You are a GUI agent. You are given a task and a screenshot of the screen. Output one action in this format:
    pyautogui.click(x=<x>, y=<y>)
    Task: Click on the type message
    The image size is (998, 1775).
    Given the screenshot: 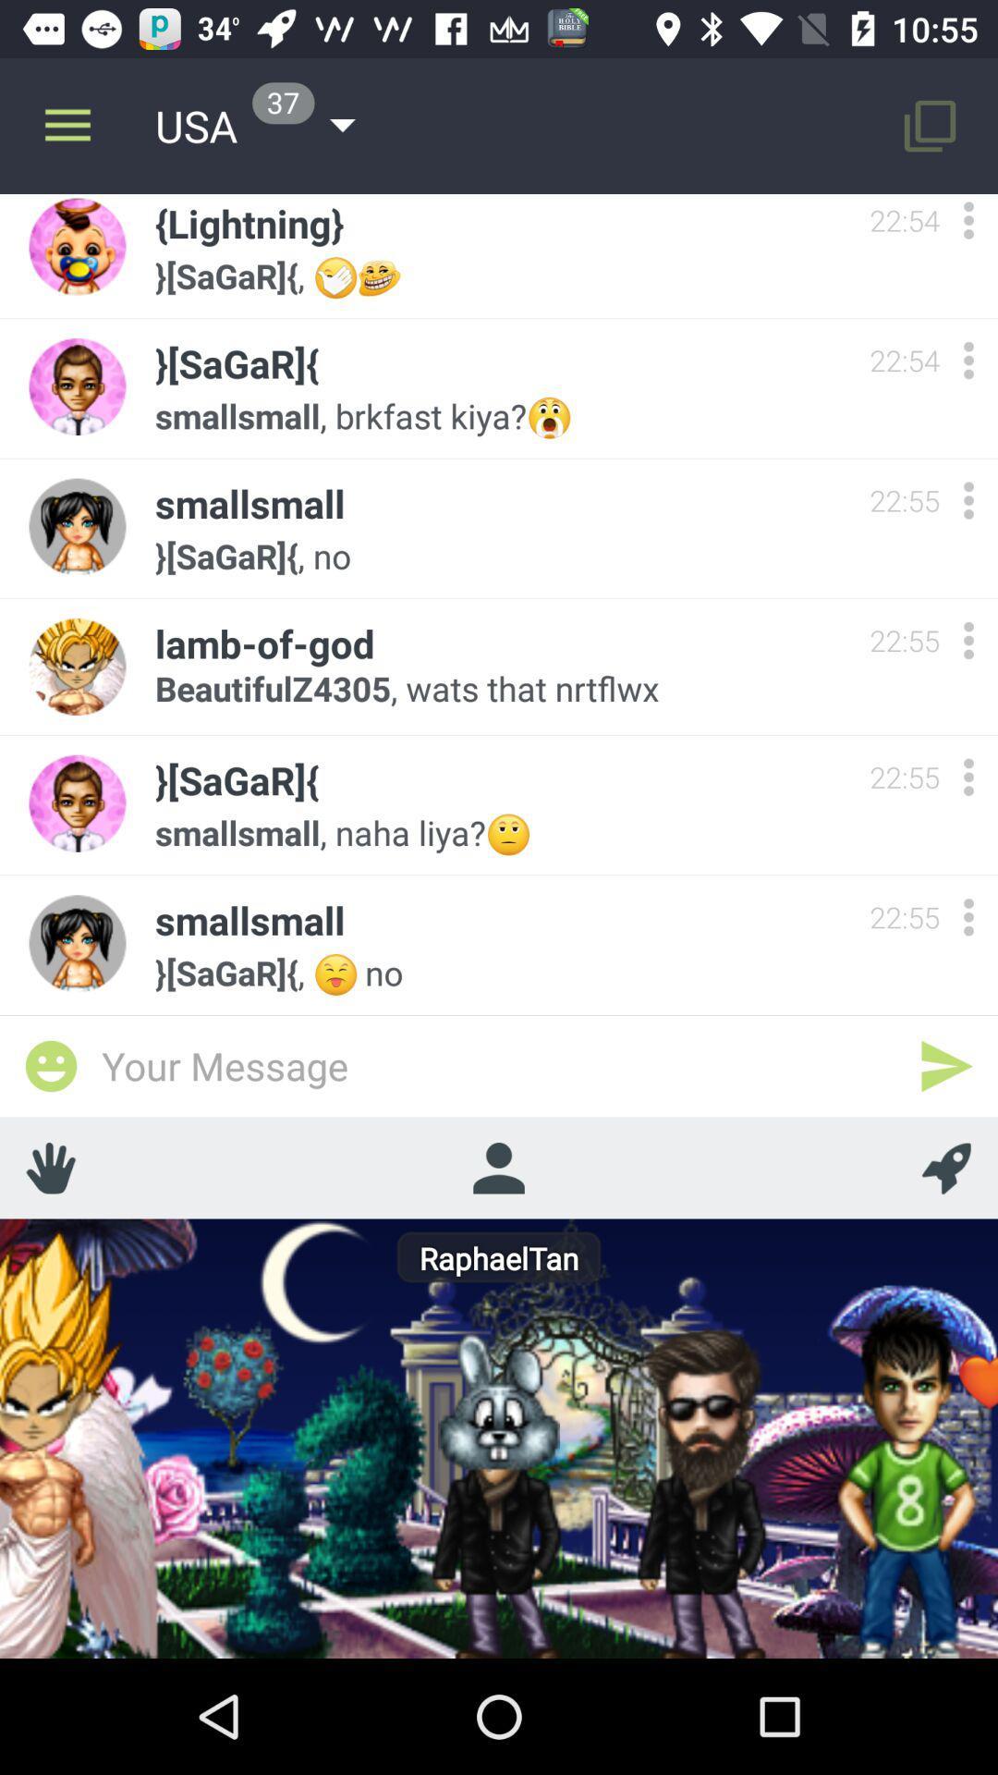 What is the action you would take?
    pyautogui.click(x=499, y=1065)
    